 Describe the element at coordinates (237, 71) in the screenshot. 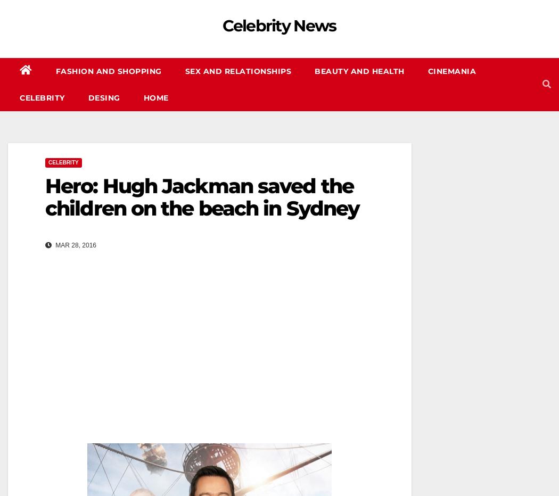

I see `'SEX AND RELATIONSHIPS'` at that location.